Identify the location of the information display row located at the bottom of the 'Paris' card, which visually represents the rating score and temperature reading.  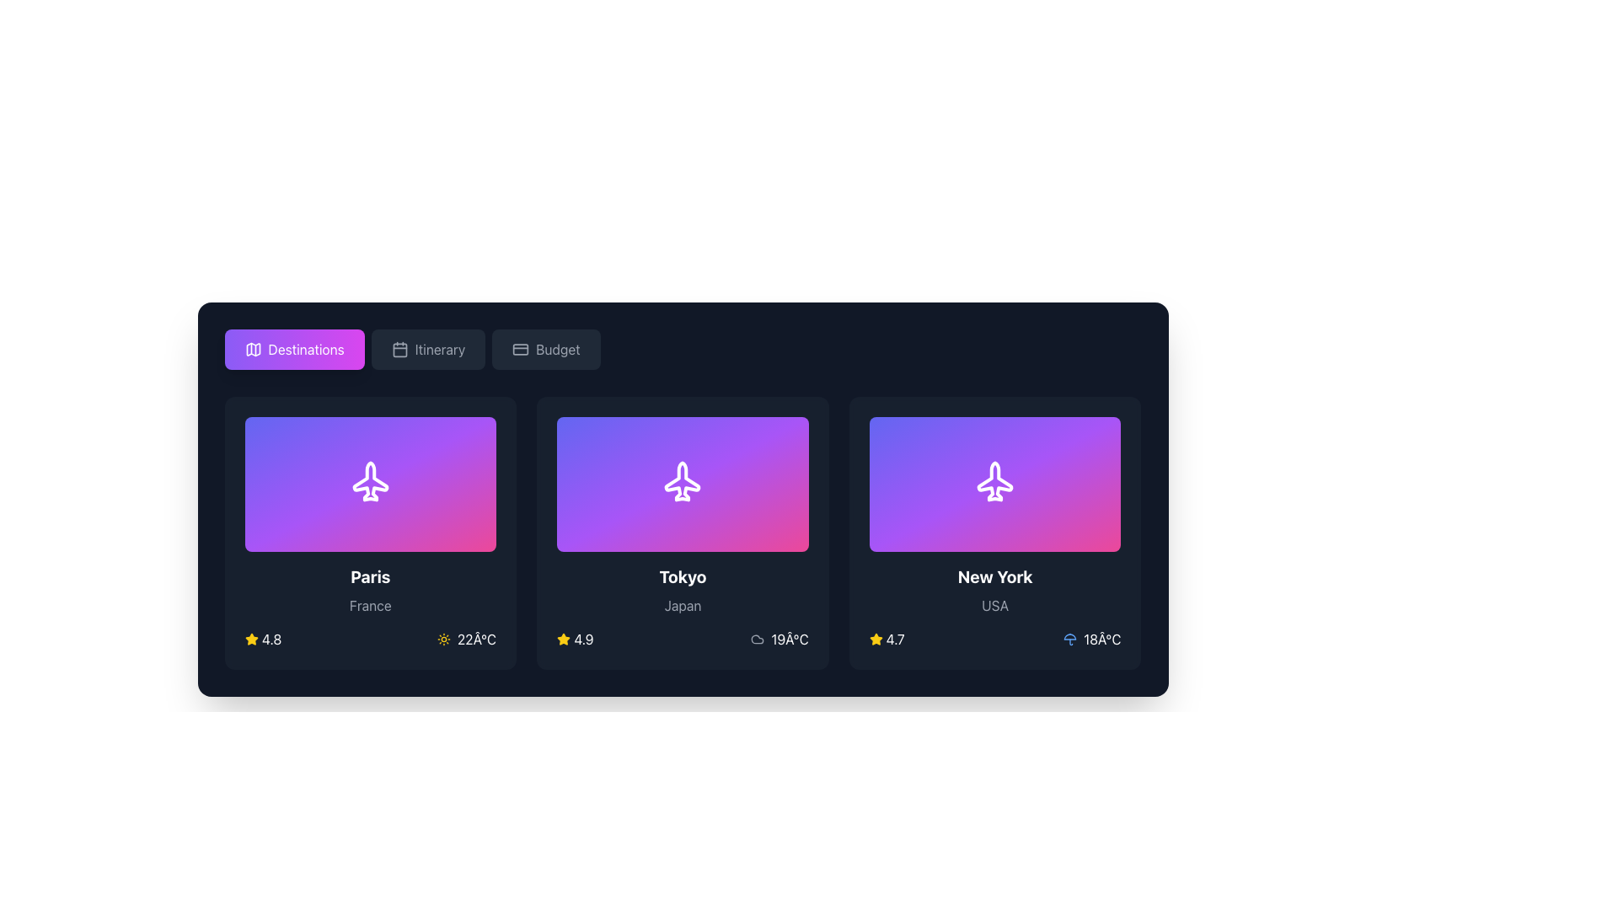
(369, 640).